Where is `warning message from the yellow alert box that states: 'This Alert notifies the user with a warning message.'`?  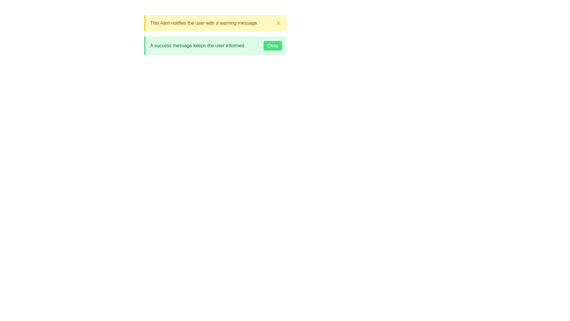 warning message from the yellow alert box that states: 'This Alert notifies the user with a warning message.' is located at coordinates (215, 23).